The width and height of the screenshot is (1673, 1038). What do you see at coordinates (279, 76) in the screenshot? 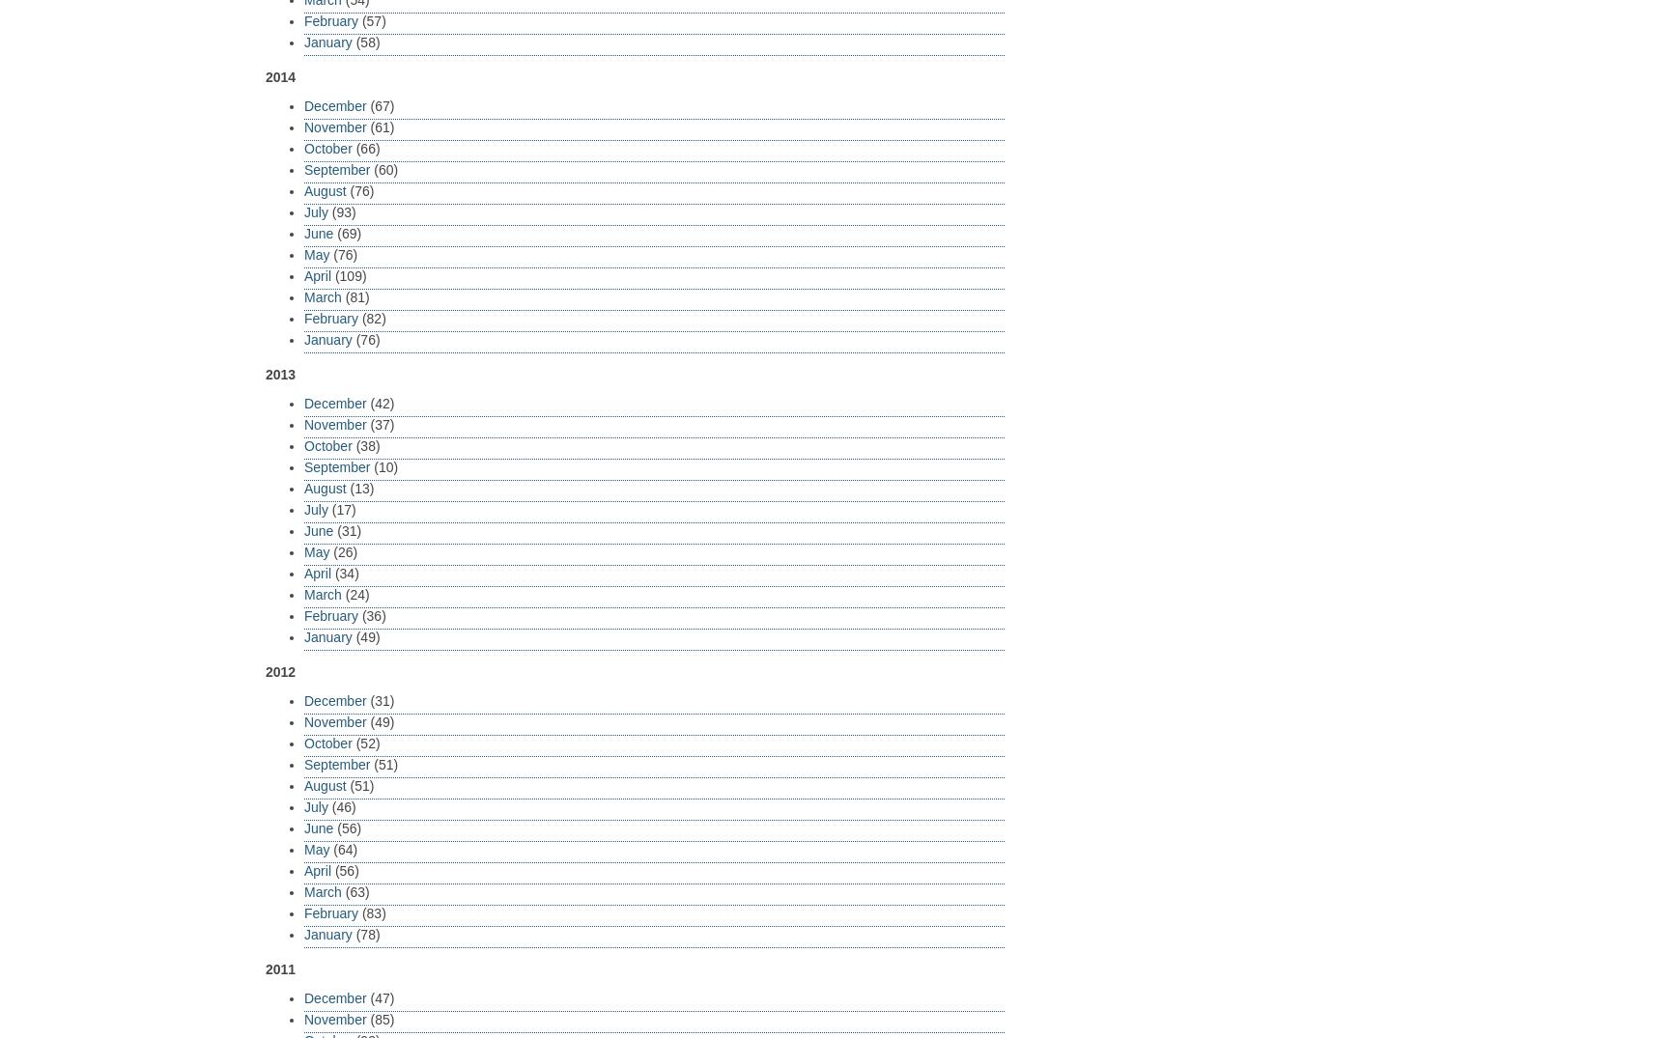
I see `'2014'` at bounding box center [279, 76].